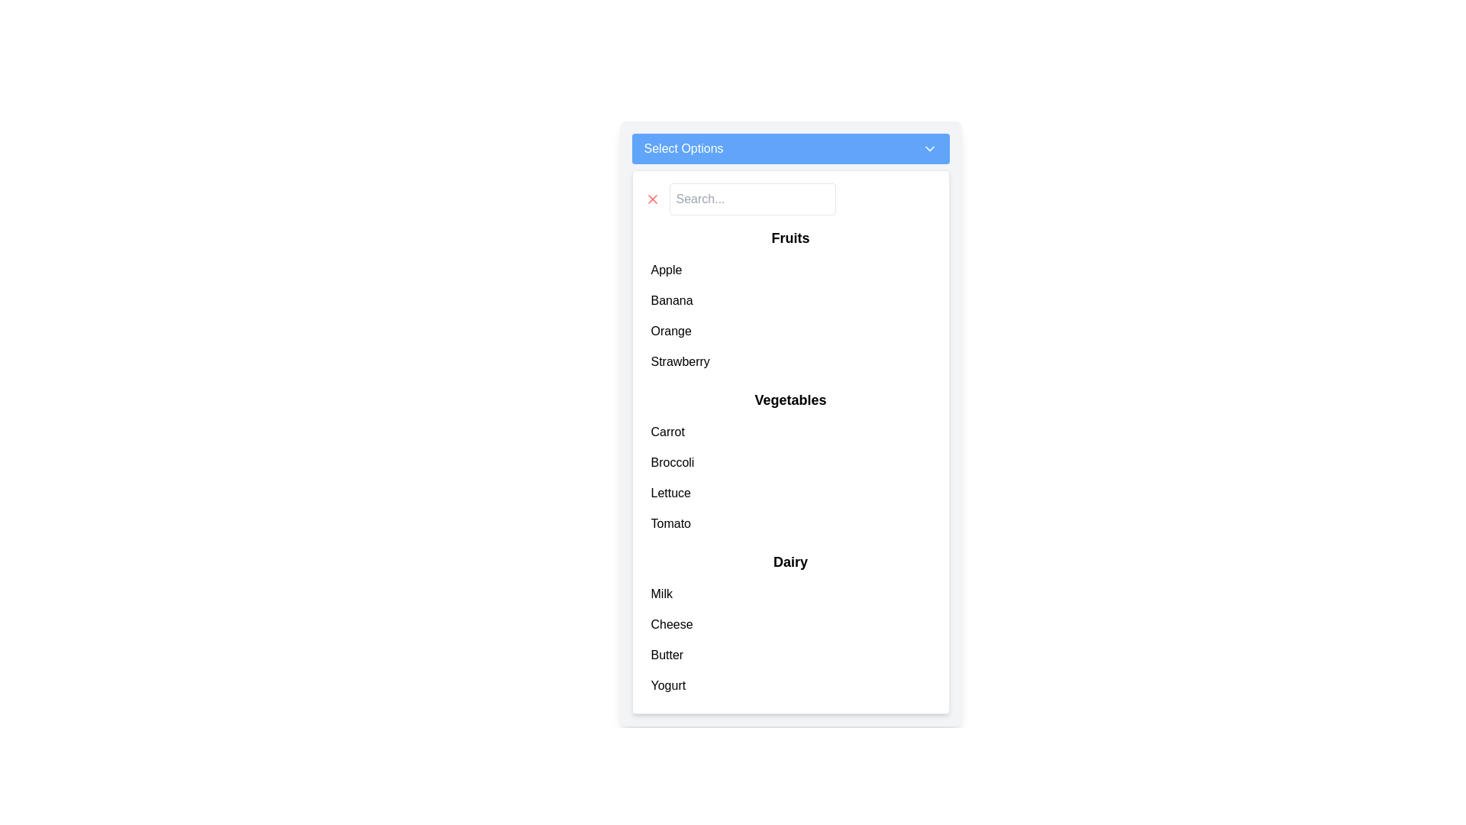 The width and height of the screenshot is (1466, 825). What do you see at coordinates (790, 331) in the screenshot?
I see `the clickable list item labeled 'Orange', which is the third option under the 'Fruits' category` at bounding box center [790, 331].